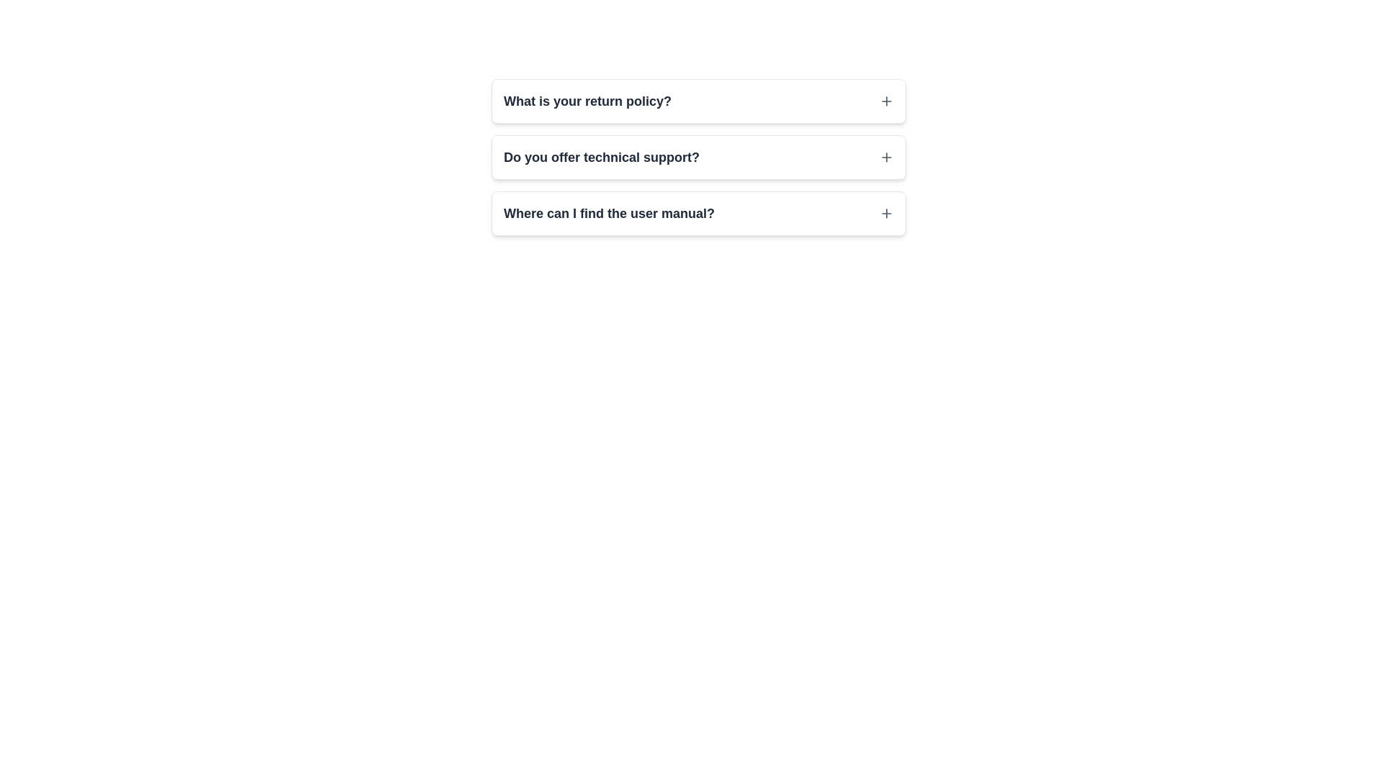 Image resolution: width=1382 pixels, height=777 pixels. What do you see at coordinates (886, 158) in the screenshot?
I see `the expand-toggle button located to the right of the 'Do you offer technical support?' text` at bounding box center [886, 158].